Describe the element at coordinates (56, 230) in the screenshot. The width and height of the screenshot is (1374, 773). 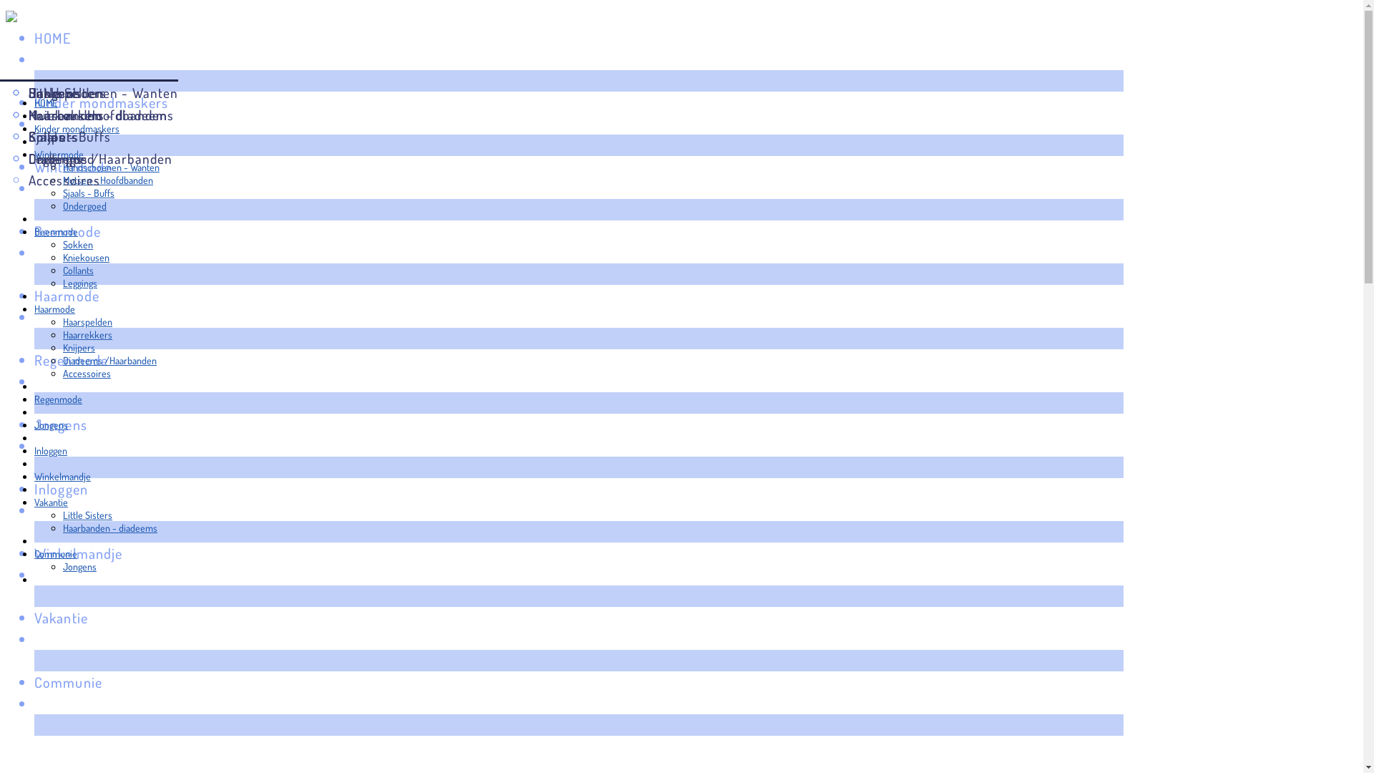
I see `'Beenmode'` at that location.